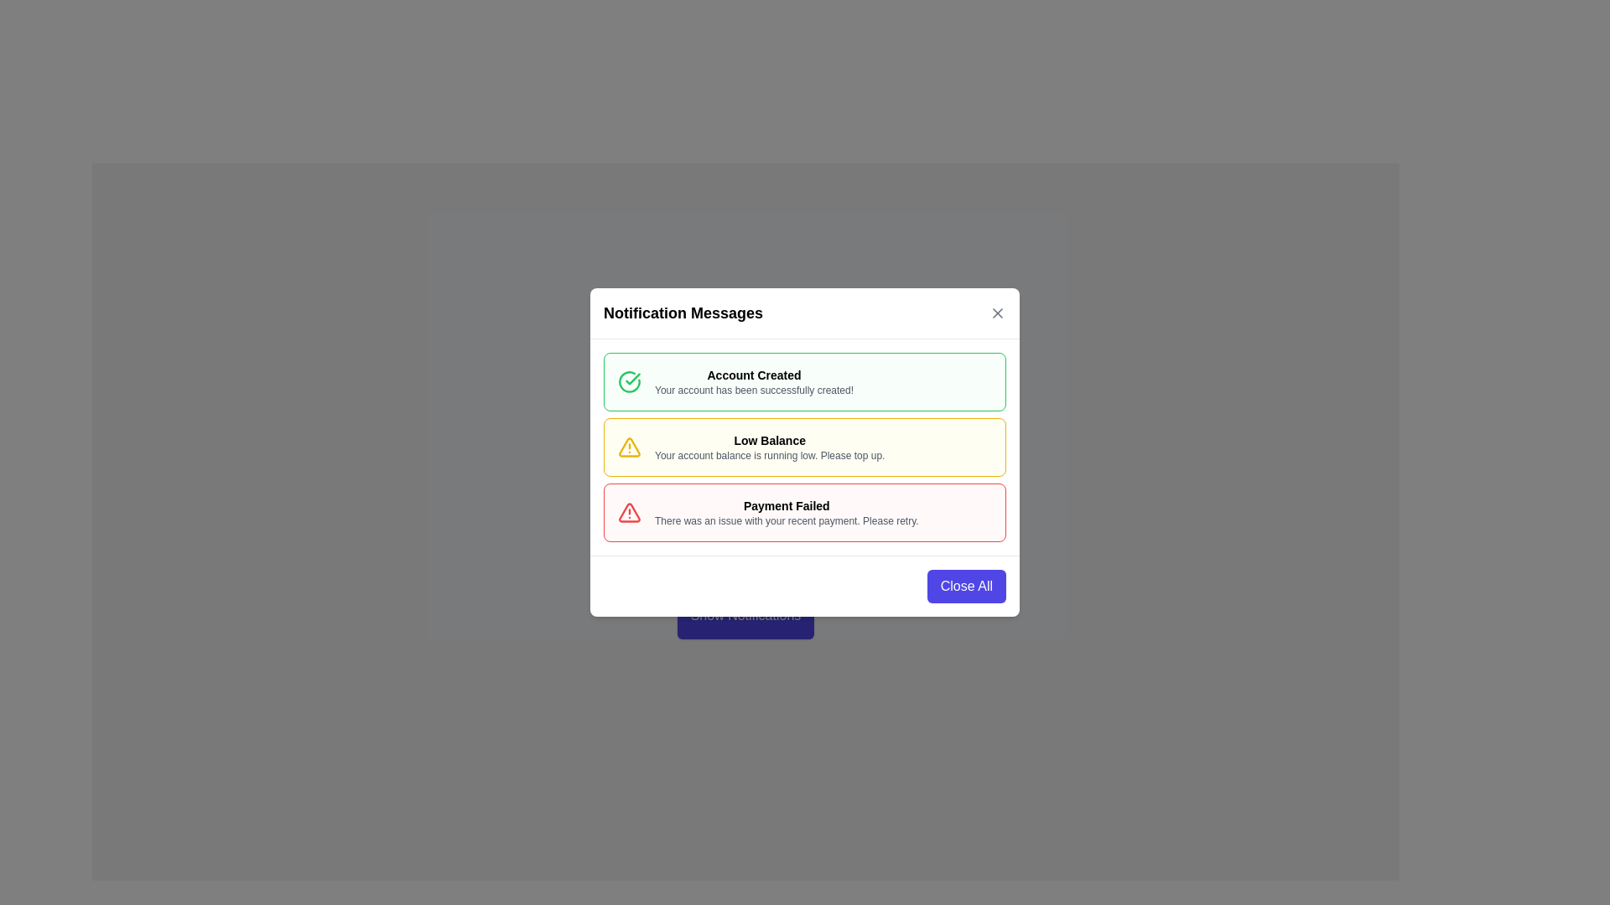 The height and width of the screenshot is (905, 1610). Describe the element at coordinates (769, 455) in the screenshot. I see `notification message displaying 'Your account balance is running low. Please top up.' which is a small-sized gray text located below the 'Low Balance' title in a yellow-highlighted notification card within the 'Notification Messages' modal` at that location.